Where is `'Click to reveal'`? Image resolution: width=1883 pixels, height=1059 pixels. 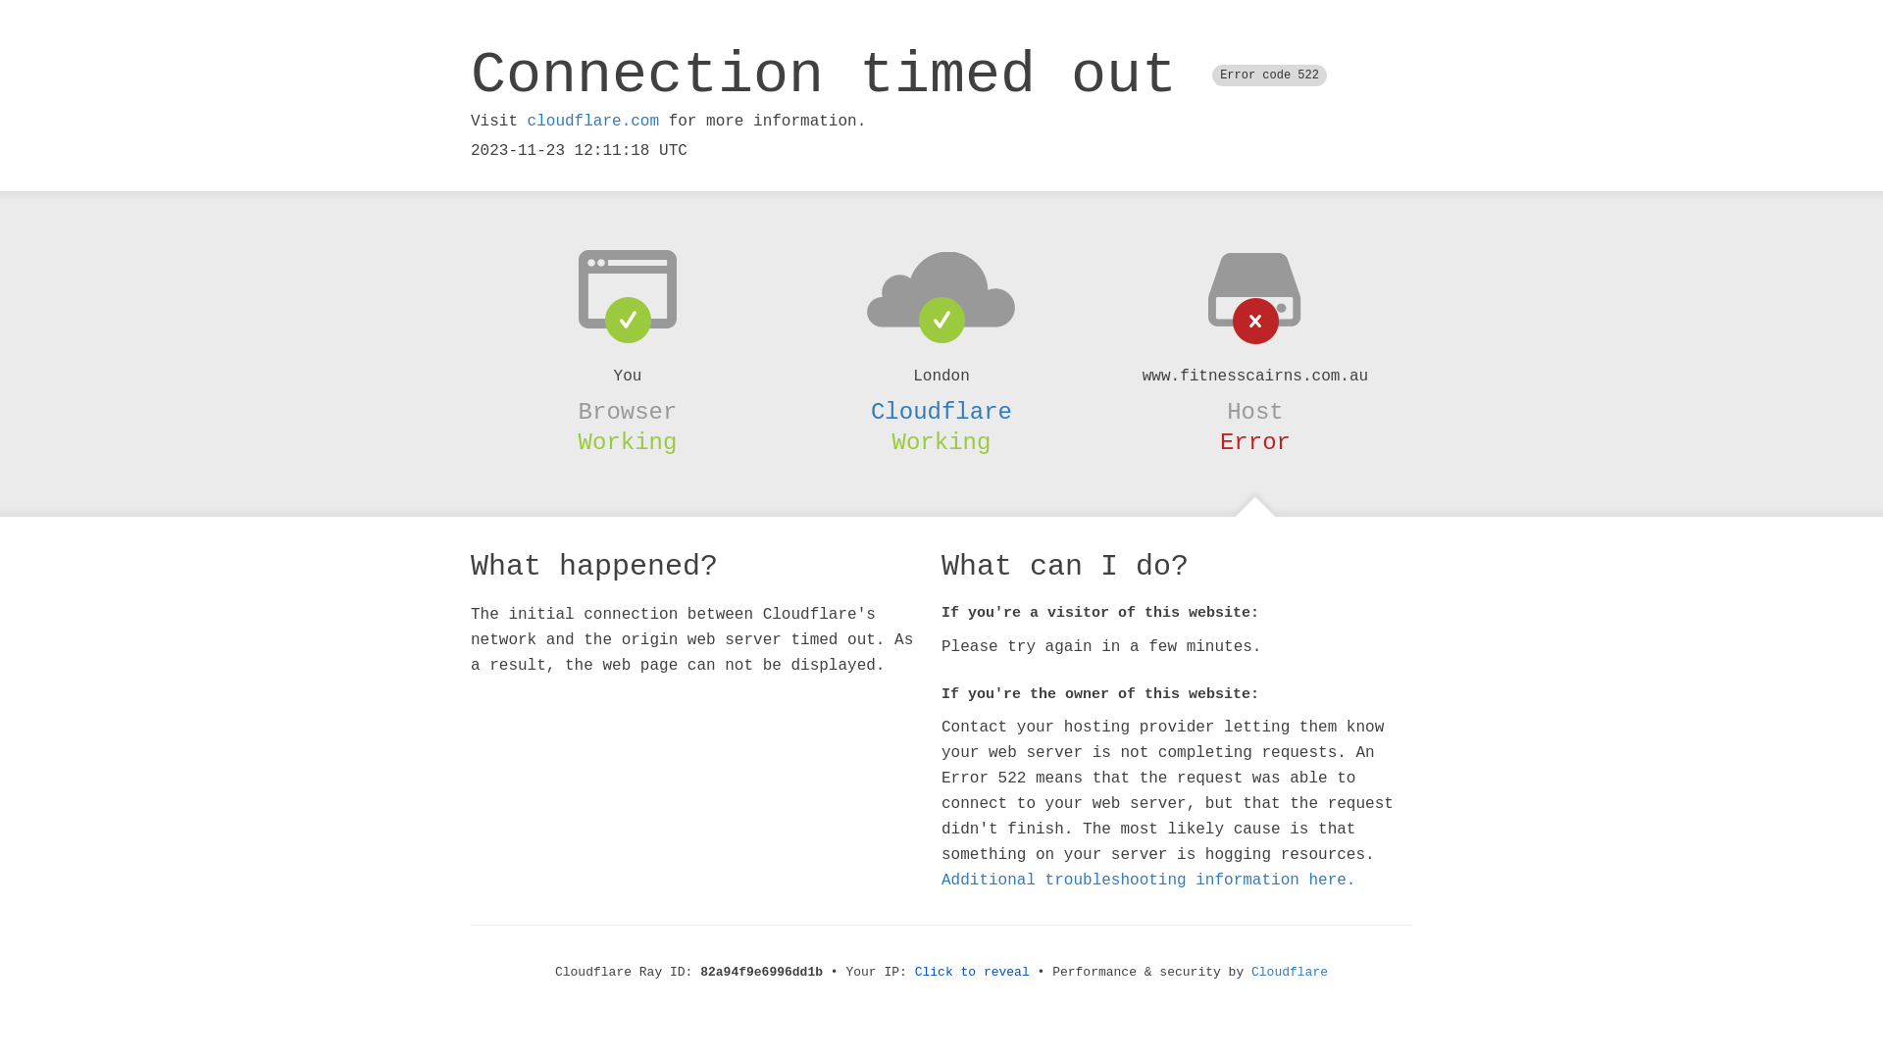 'Click to reveal' is located at coordinates (972, 972).